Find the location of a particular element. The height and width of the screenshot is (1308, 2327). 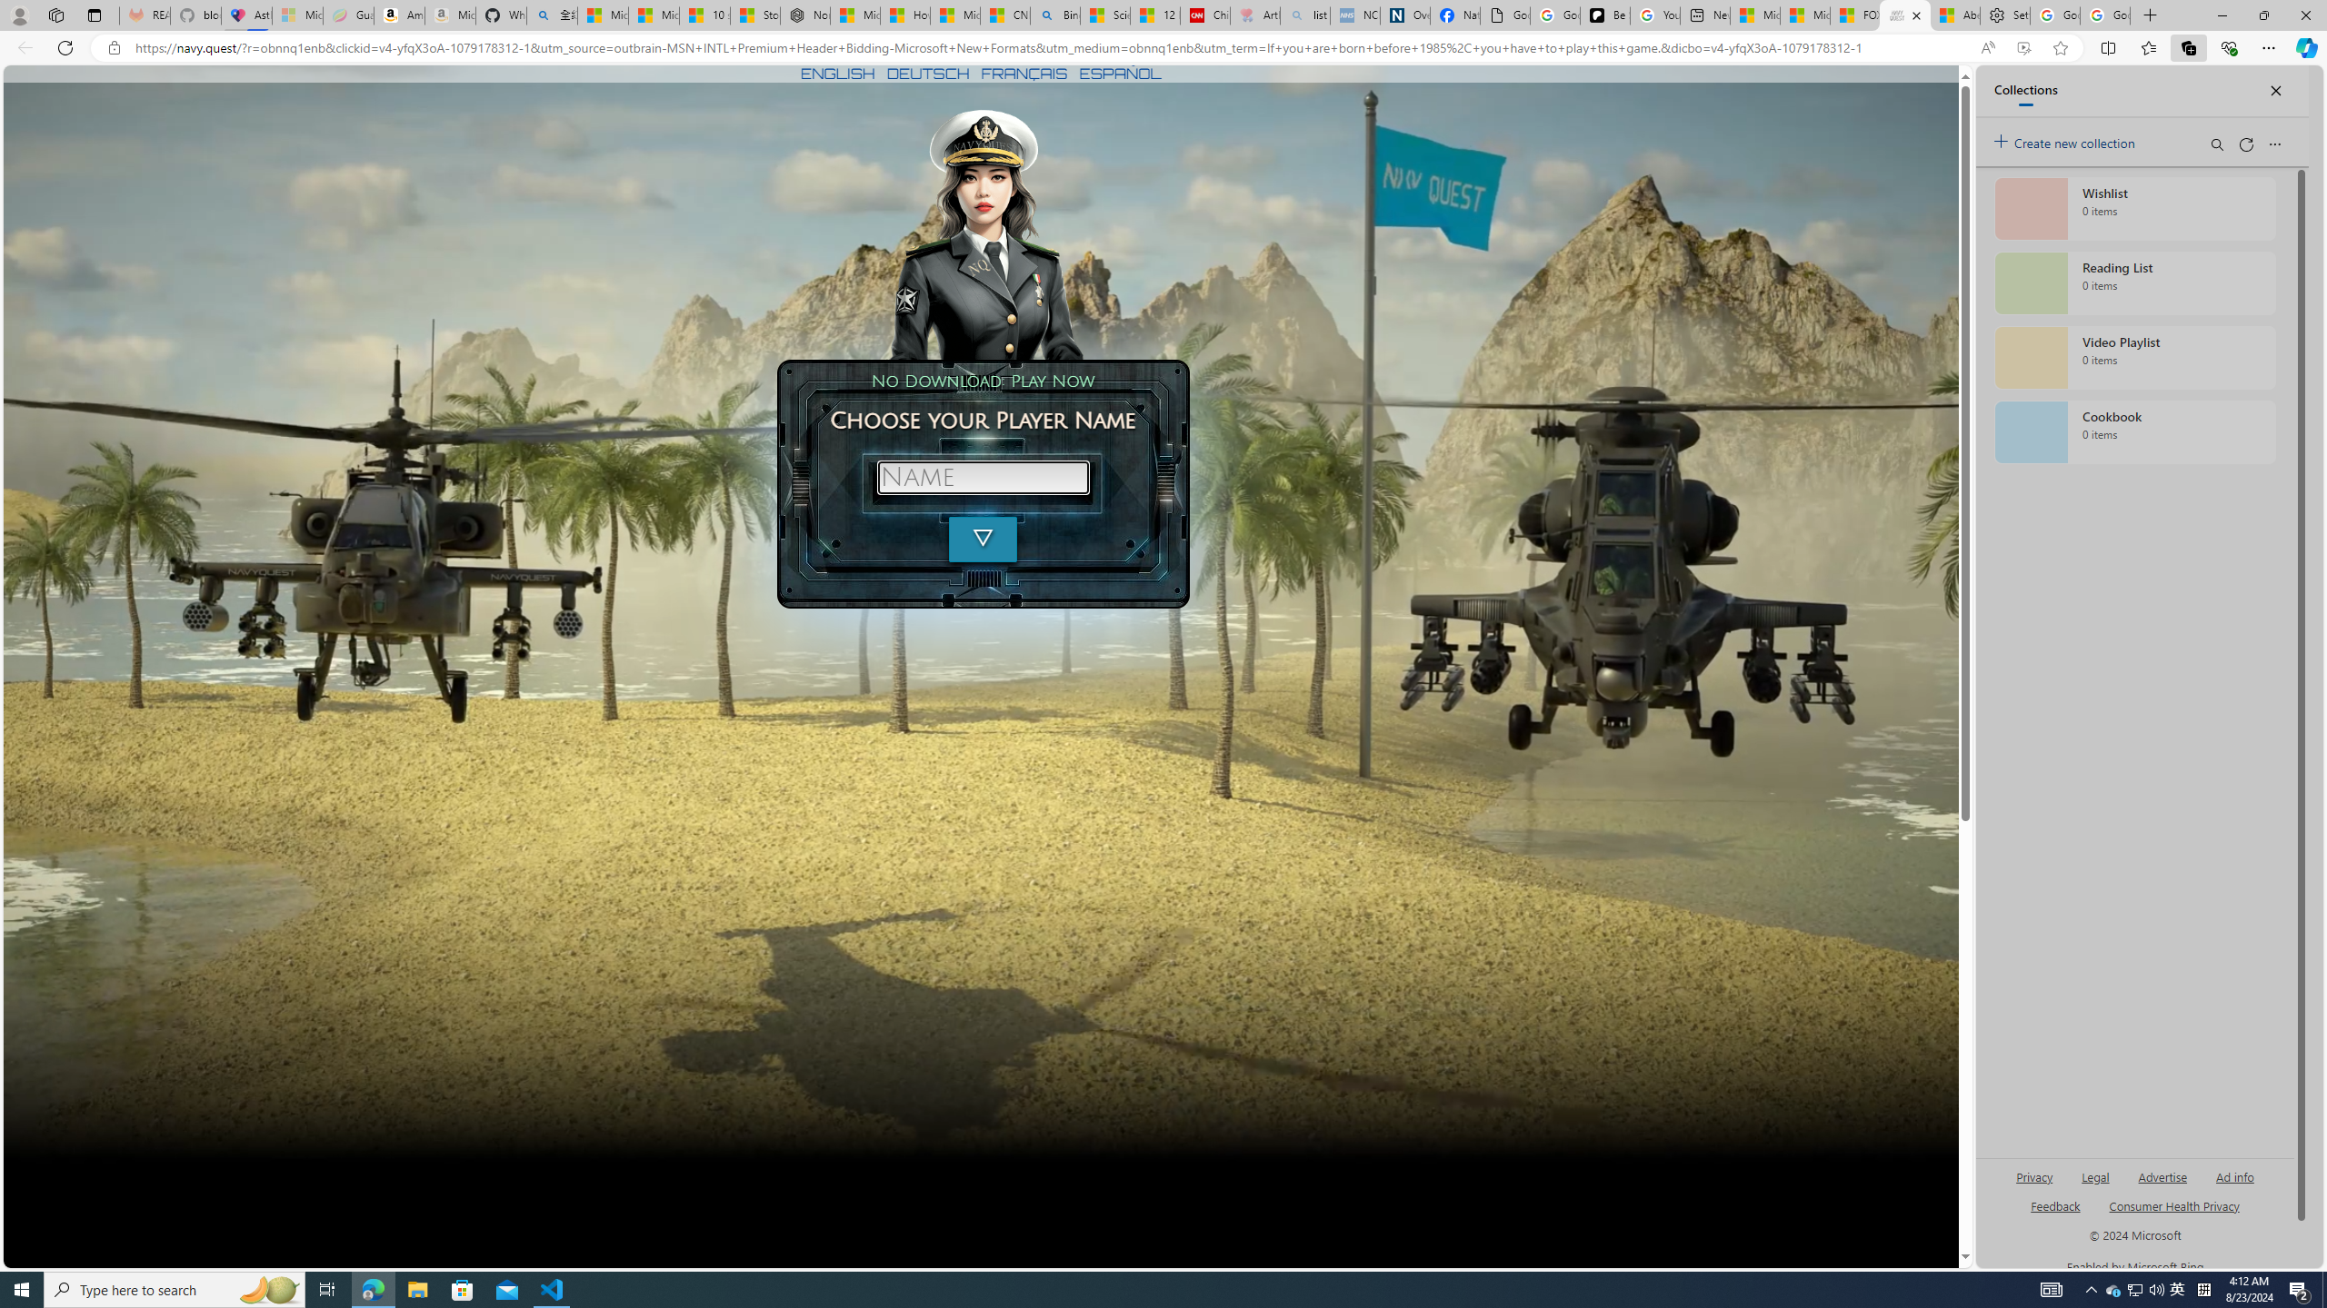

'Arthritis: Ask Health Professionals - Sleeping' is located at coordinates (1255, 15).